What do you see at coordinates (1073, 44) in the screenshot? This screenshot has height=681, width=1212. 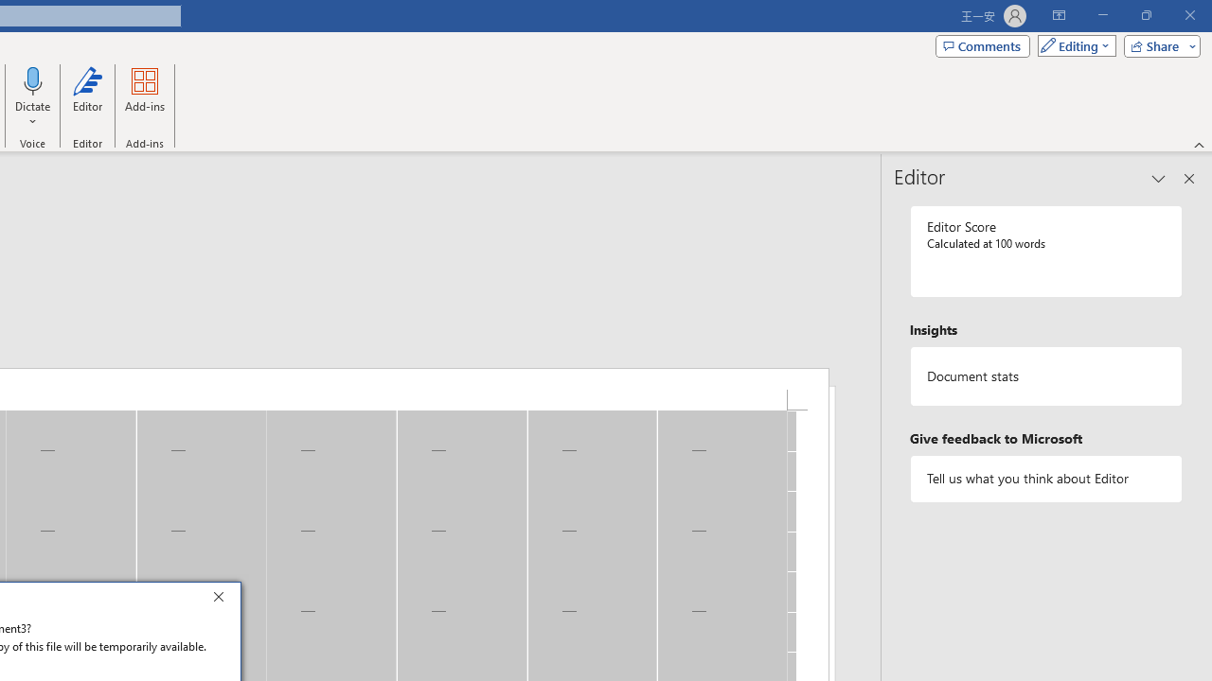 I see `'Mode'` at bounding box center [1073, 44].